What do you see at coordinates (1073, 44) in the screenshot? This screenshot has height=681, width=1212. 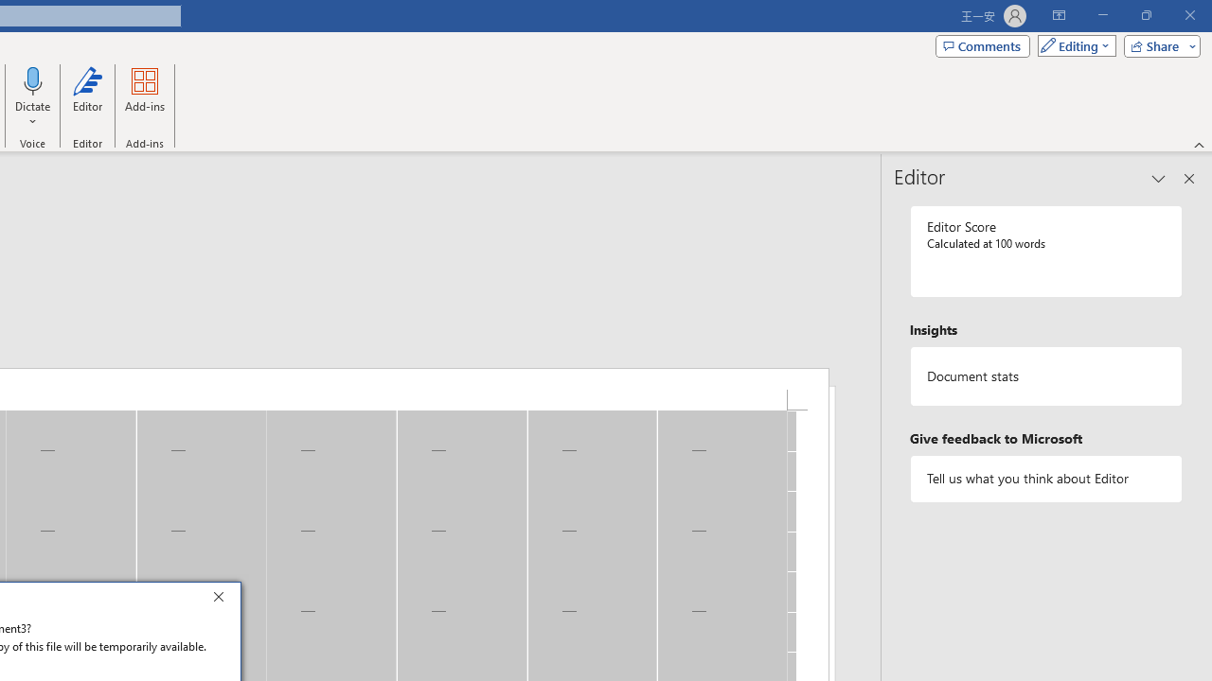 I see `'Mode'` at bounding box center [1073, 44].